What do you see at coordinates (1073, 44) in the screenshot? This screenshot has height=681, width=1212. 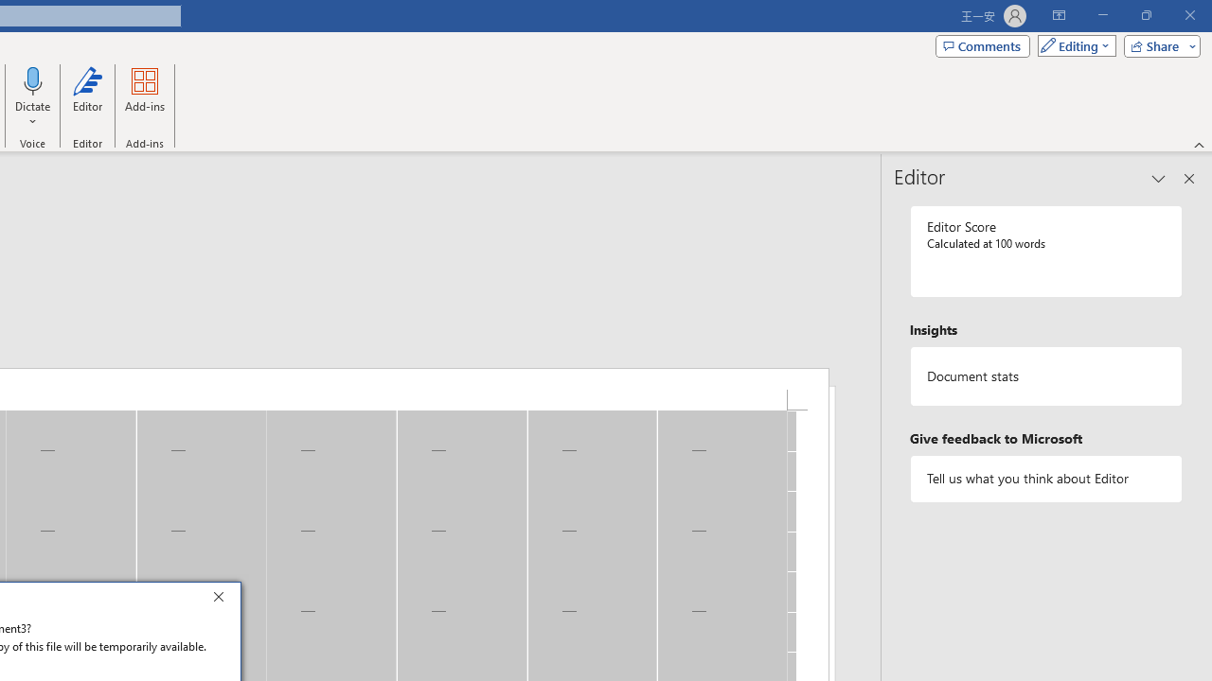 I see `'Mode'` at bounding box center [1073, 44].